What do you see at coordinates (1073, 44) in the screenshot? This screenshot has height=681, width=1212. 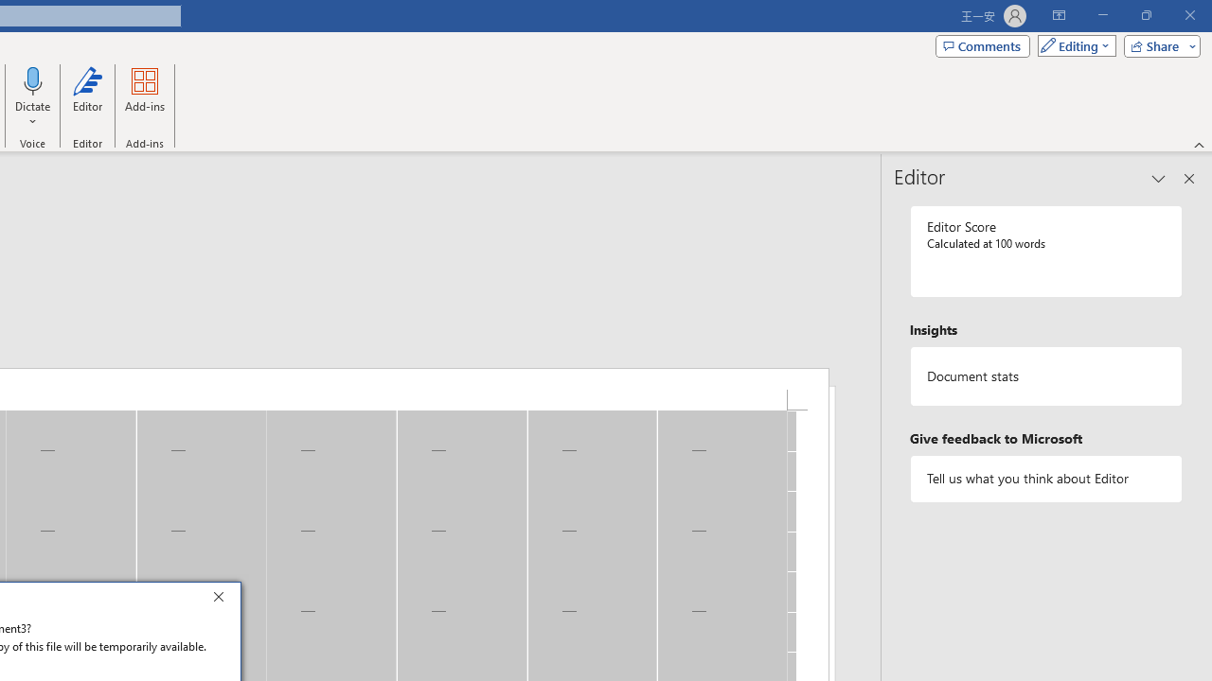 I see `'Mode'` at bounding box center [1073, 44].